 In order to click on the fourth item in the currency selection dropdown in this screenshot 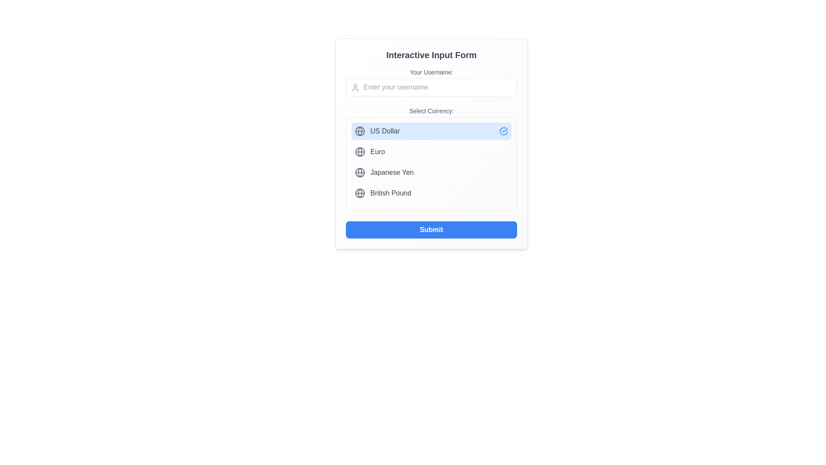, I will do `click(431, 192)`.